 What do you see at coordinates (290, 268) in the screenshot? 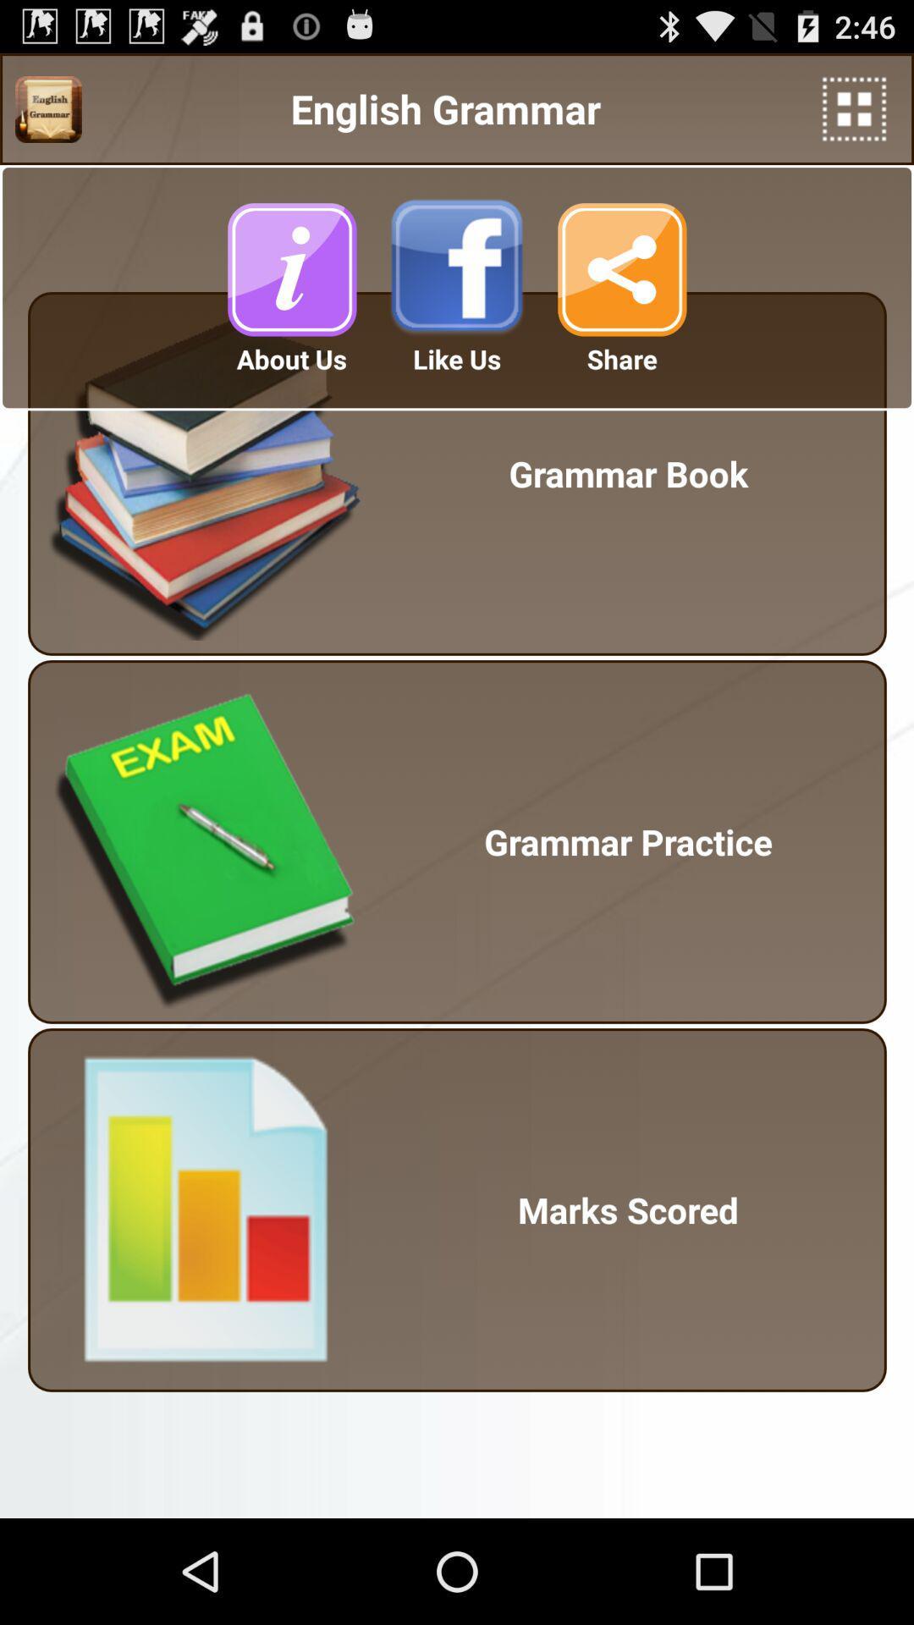
I see `more information` at bounding box center [290, 268].